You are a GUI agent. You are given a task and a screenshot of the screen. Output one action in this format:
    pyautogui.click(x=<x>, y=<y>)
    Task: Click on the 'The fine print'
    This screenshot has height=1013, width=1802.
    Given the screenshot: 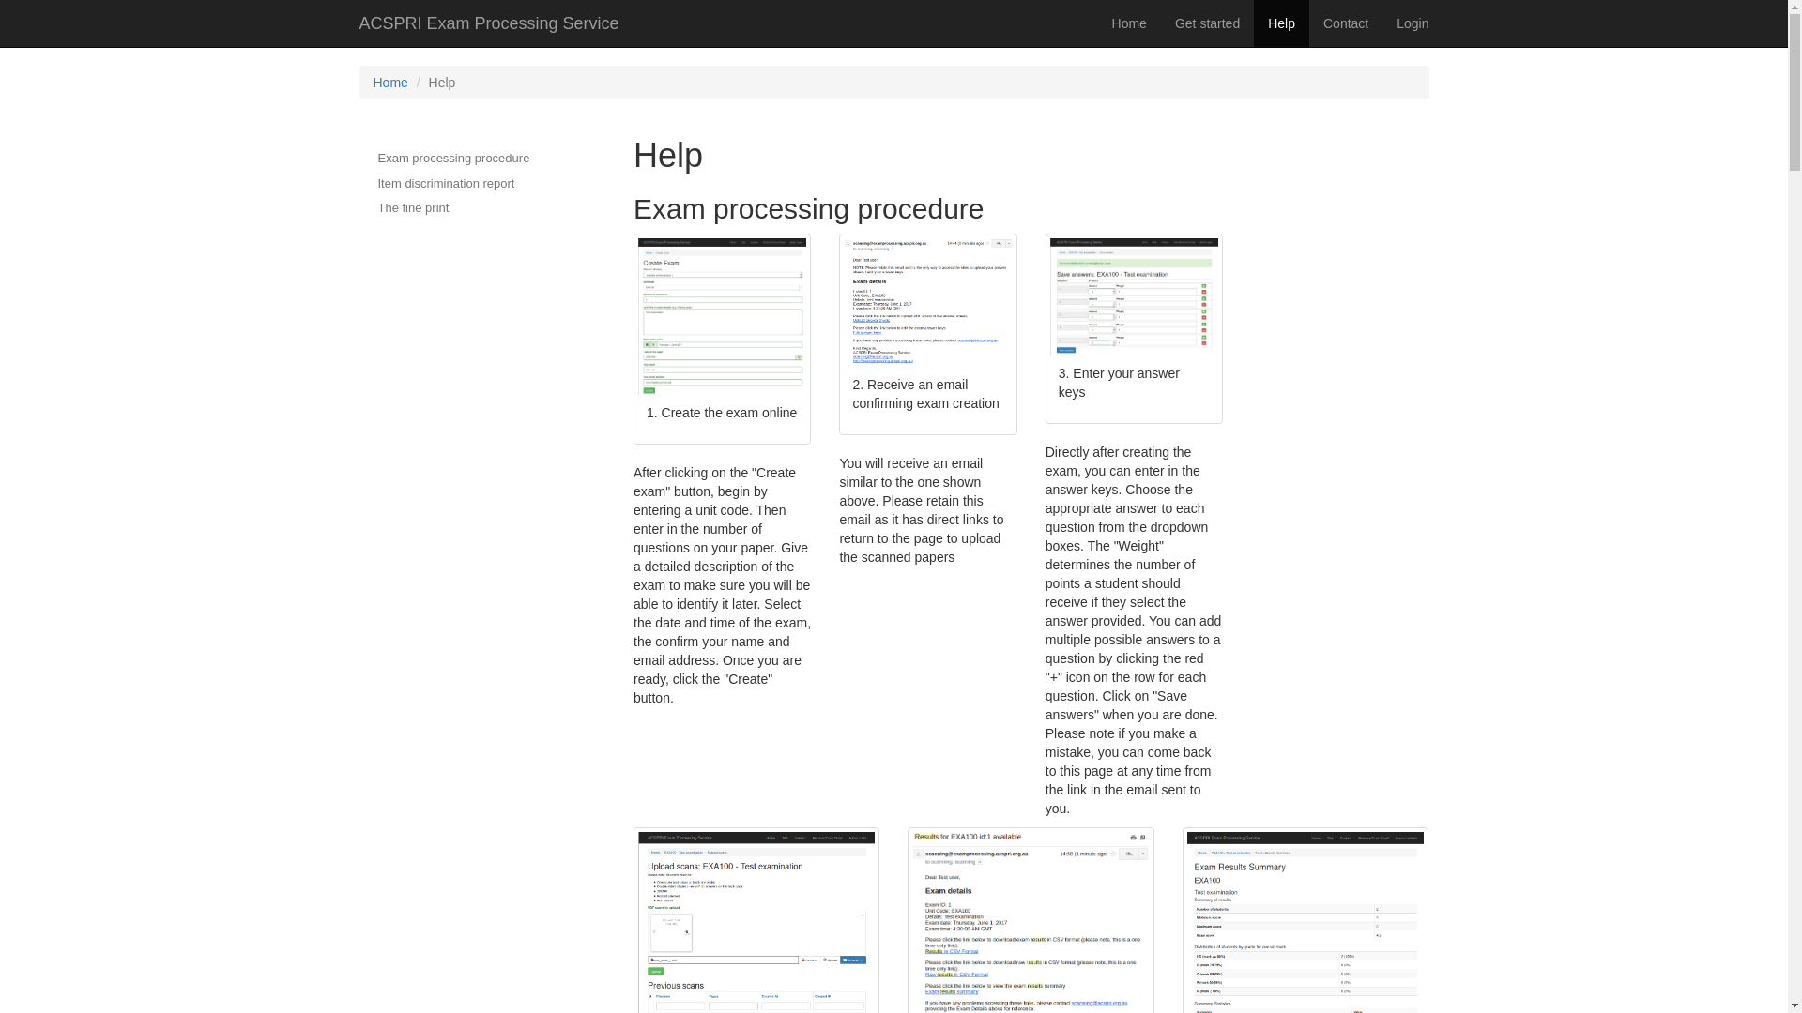 What is the action you would take?
    pyautogui.click(x=453, y=208)
    